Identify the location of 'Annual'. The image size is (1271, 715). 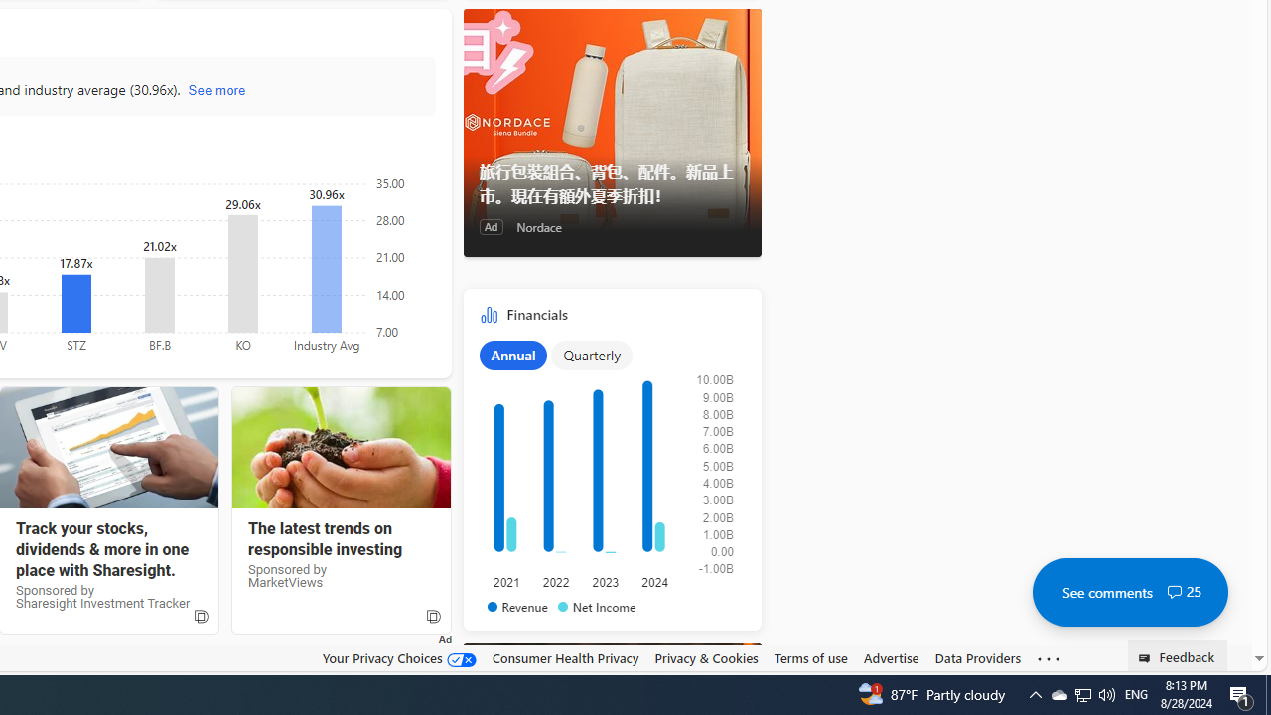
(513, 354).